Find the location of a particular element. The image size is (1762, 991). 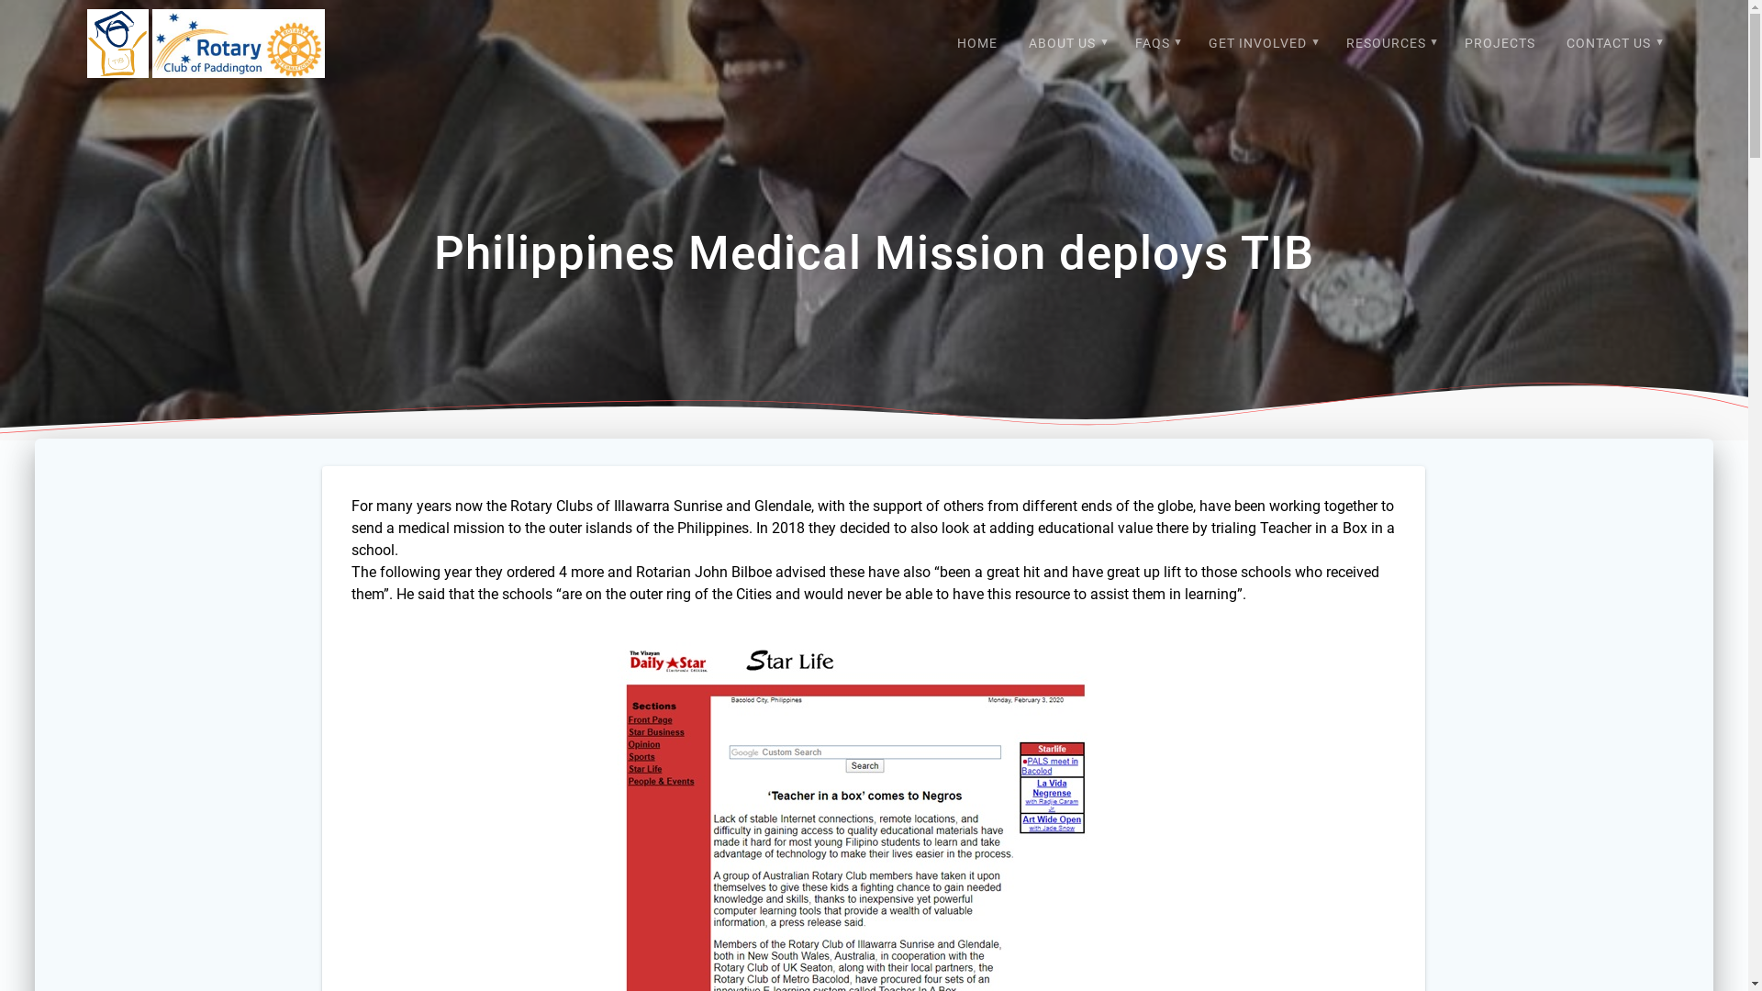

'HOME' is located at coordinates (976, 42).